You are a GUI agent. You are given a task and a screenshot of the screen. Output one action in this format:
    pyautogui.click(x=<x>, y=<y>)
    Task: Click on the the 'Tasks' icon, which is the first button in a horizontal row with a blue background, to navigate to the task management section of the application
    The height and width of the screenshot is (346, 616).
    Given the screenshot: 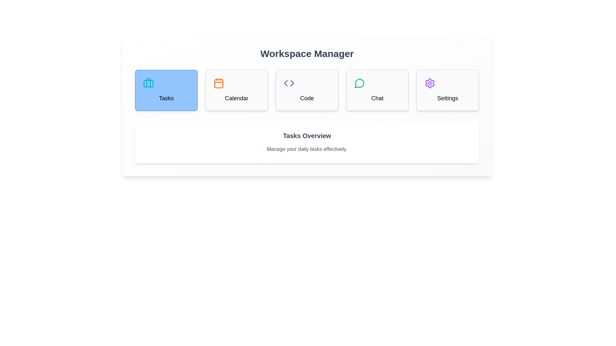 What is the action you would take?
    pyautogui.click(x=148, y=83)
    